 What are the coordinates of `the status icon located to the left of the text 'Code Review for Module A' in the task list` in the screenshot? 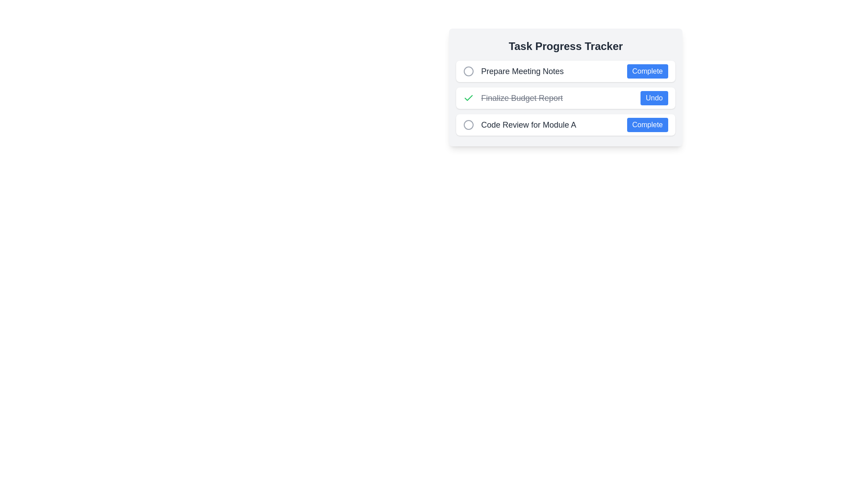 It's located at (468, 125).